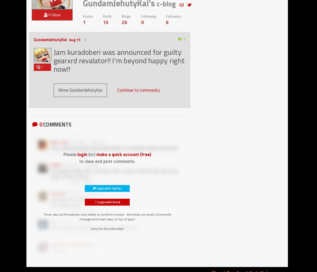 The height and width of the screenshot is (272, 317). I want to click on 'Login with Twitter', so click(109, 188).